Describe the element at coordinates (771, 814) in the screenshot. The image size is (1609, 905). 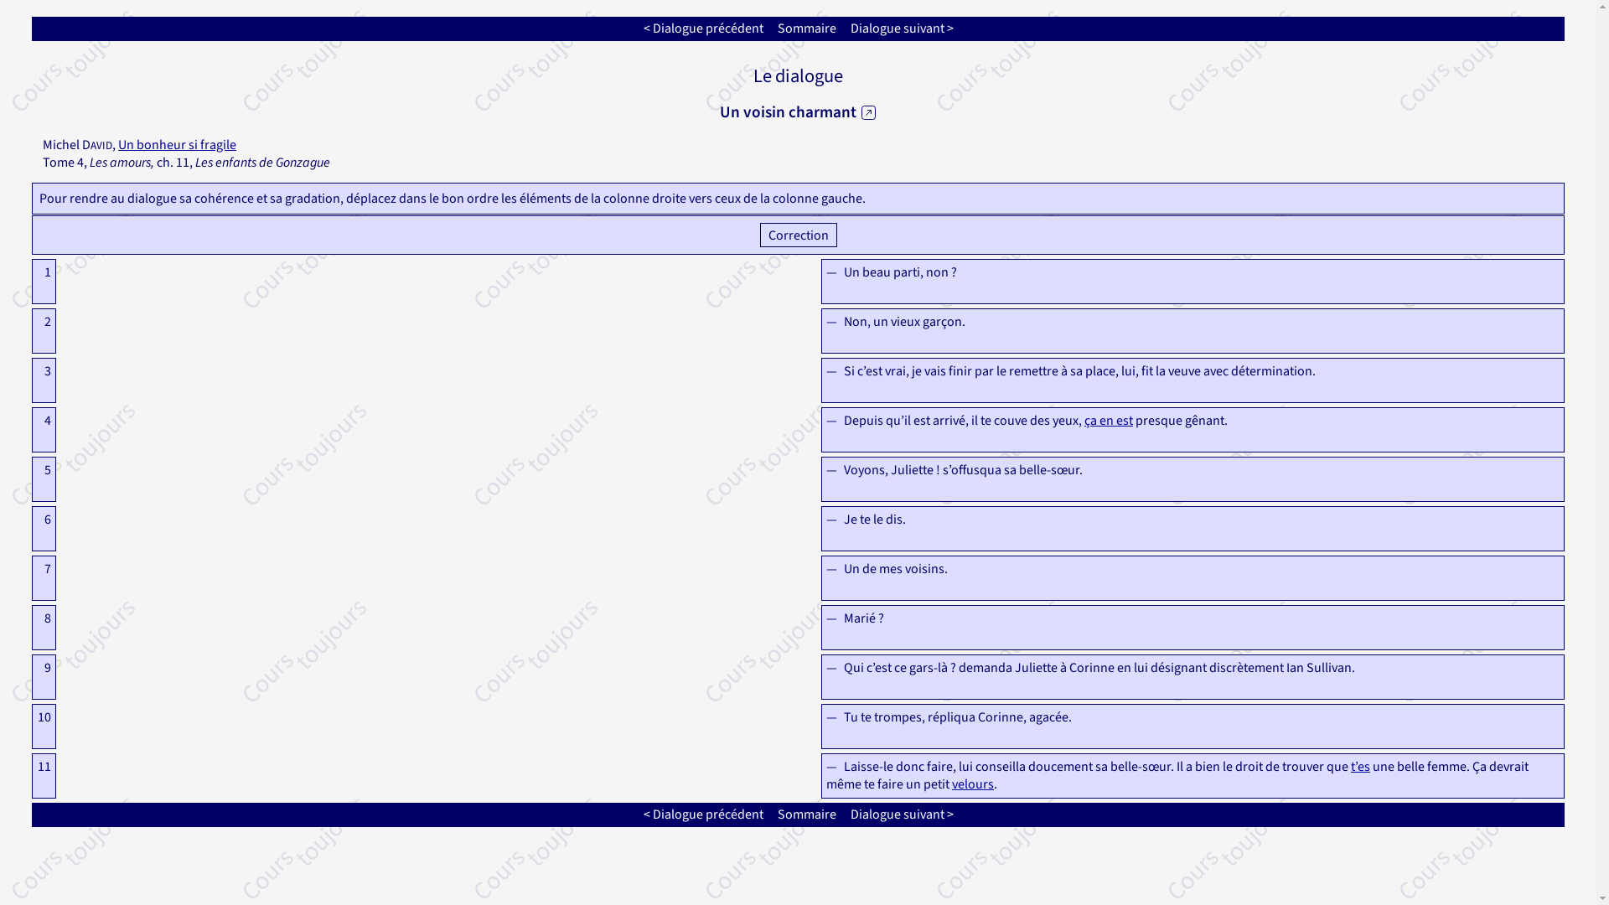
I see `'Sommaire'` at that location.